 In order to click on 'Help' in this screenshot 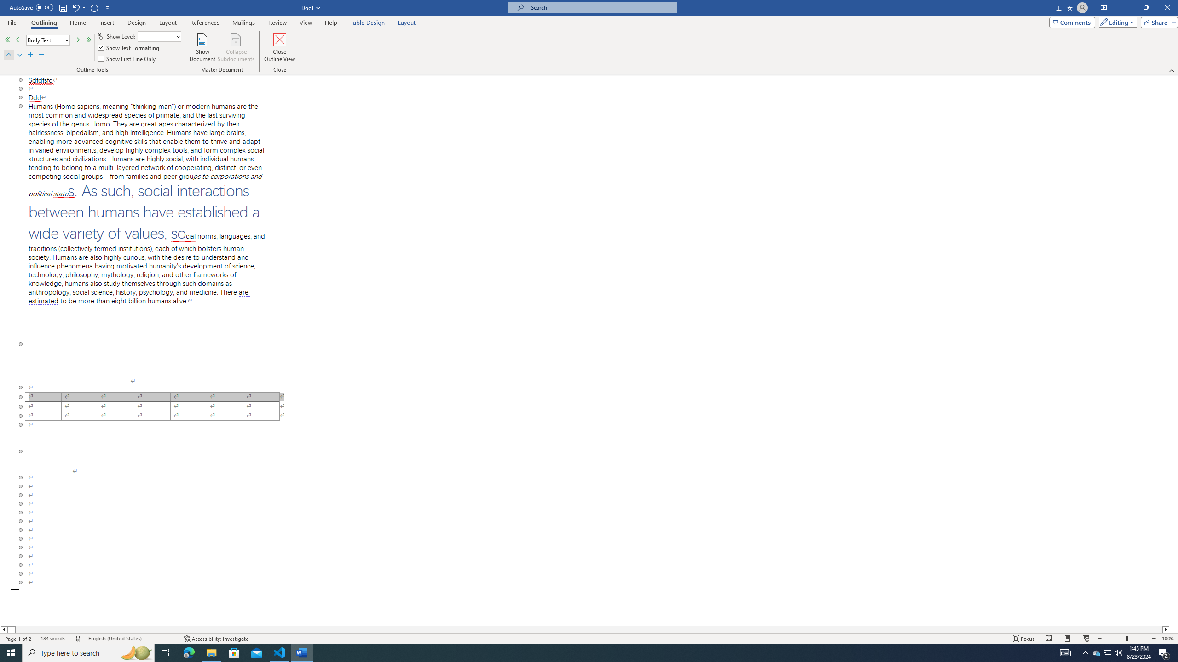, I will do `click(331, 23)`.